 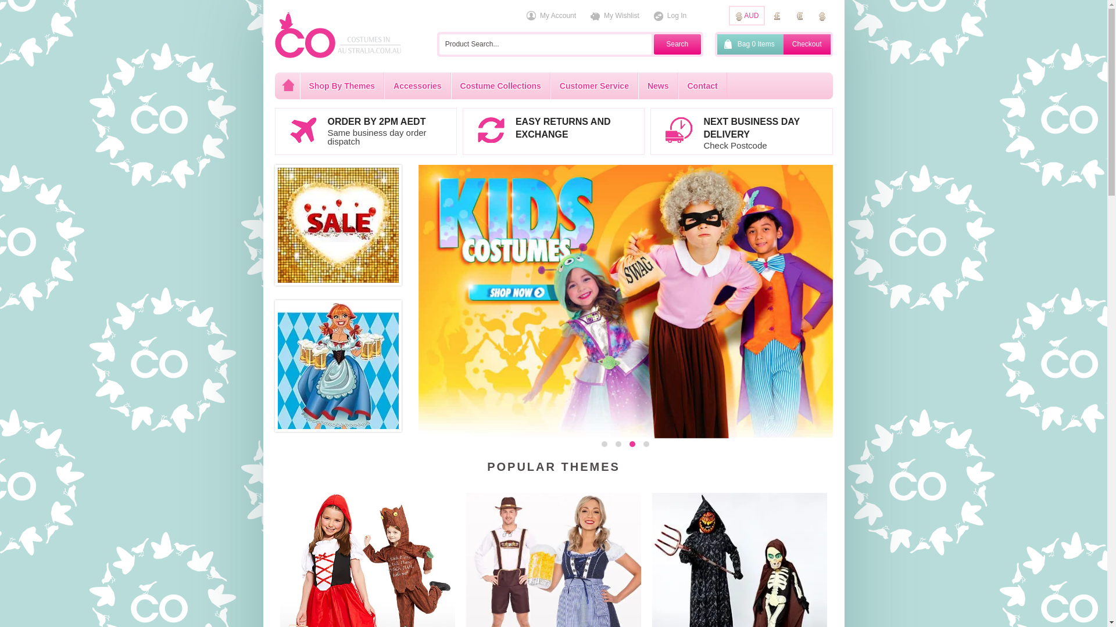 I want to click on 'ORDER BY 2PM AEDT, so click(x=364, y=131).